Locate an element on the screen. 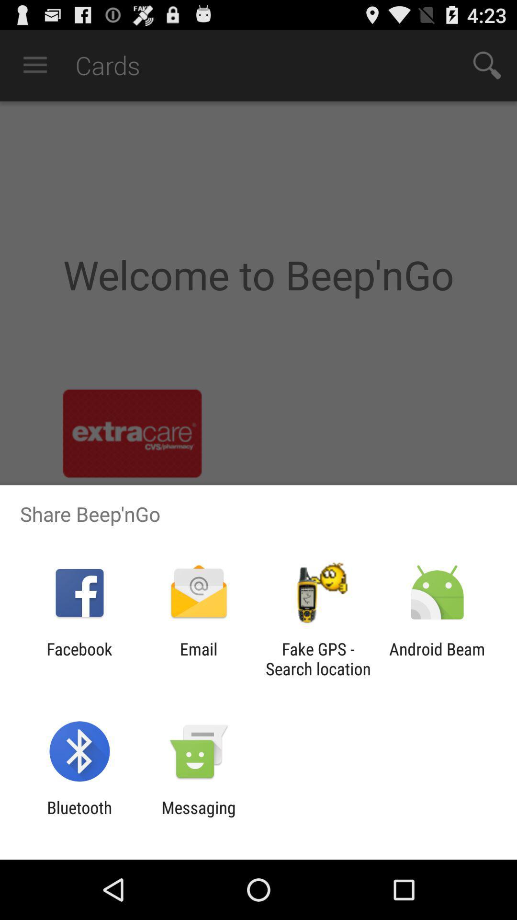 The image size is (517, 920). fake gps search item is located at coordinates (318, 658).